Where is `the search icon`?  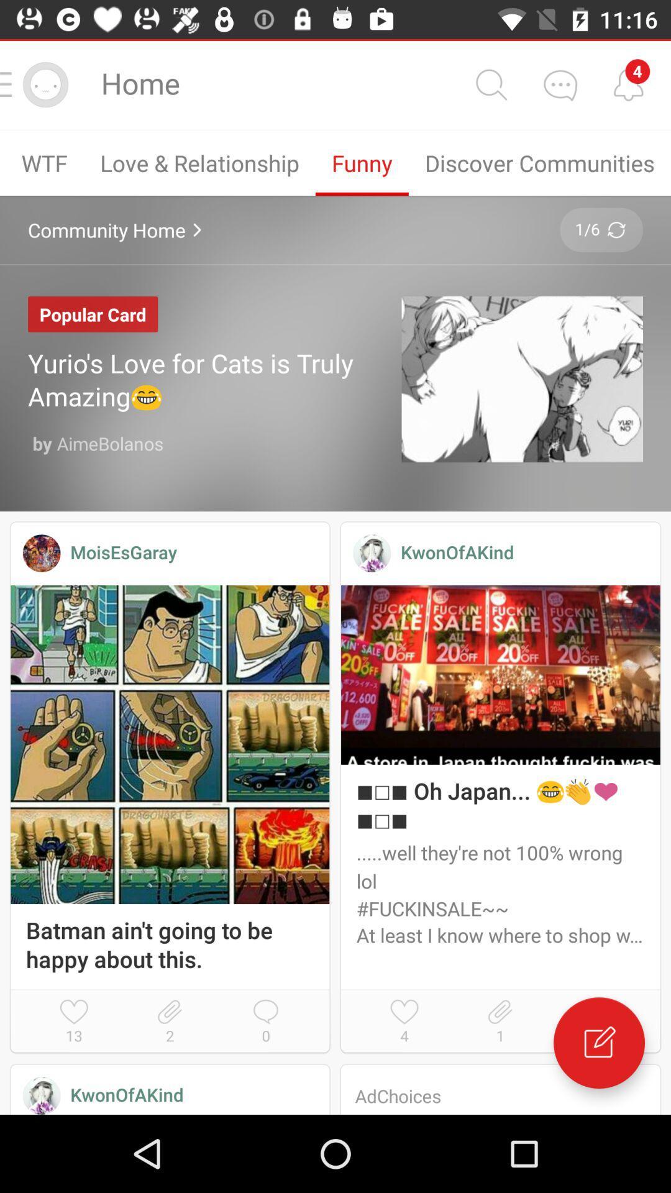 the search icon is located at coordinates (490, 84).